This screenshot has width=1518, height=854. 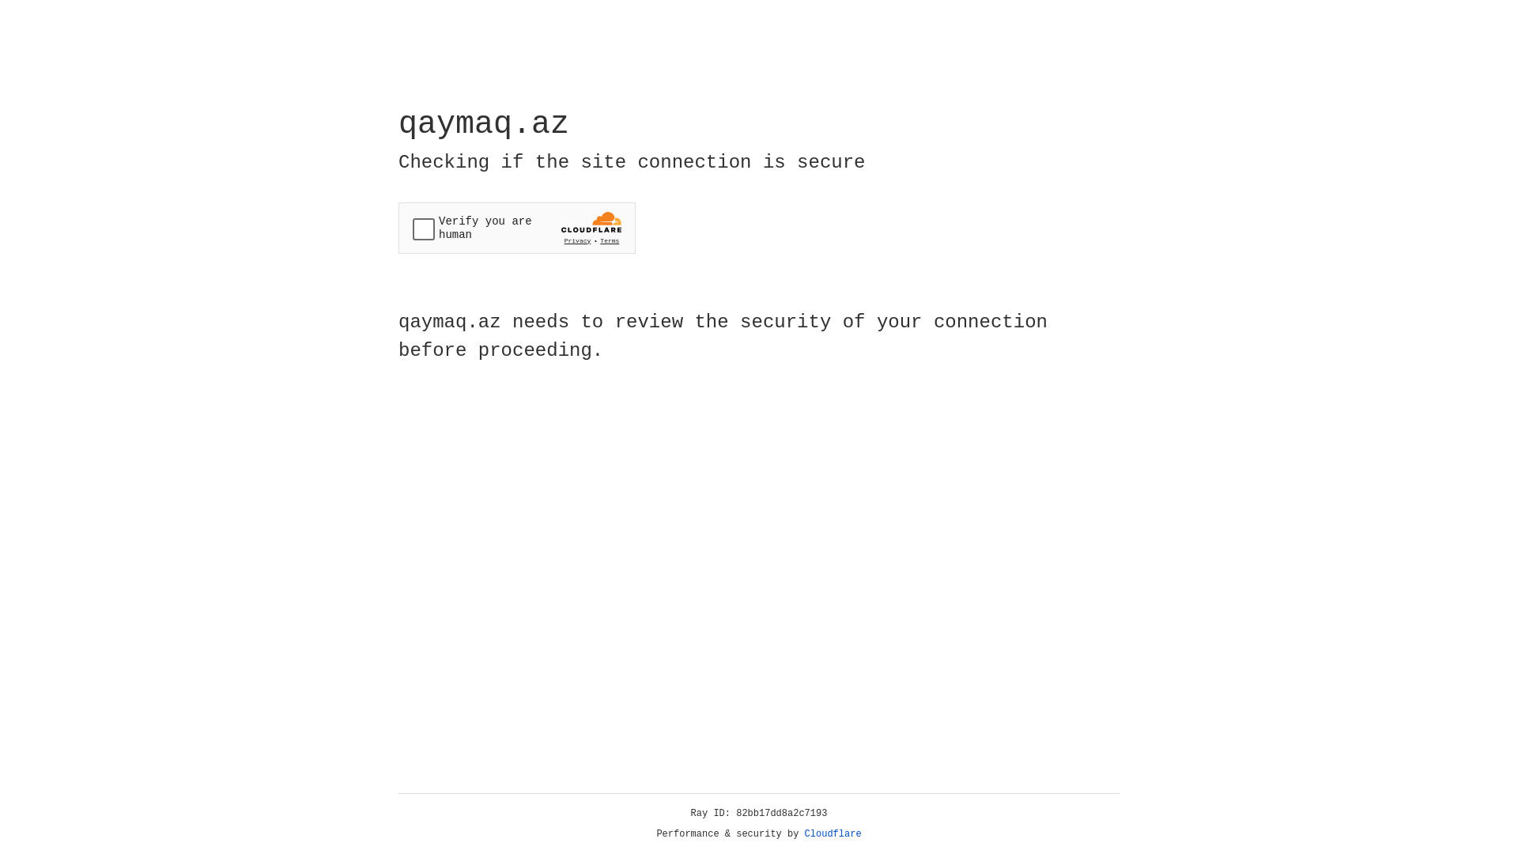 I want to click on 'Widget containing a Cloudflare security challenge', so click(x=516, y=228).